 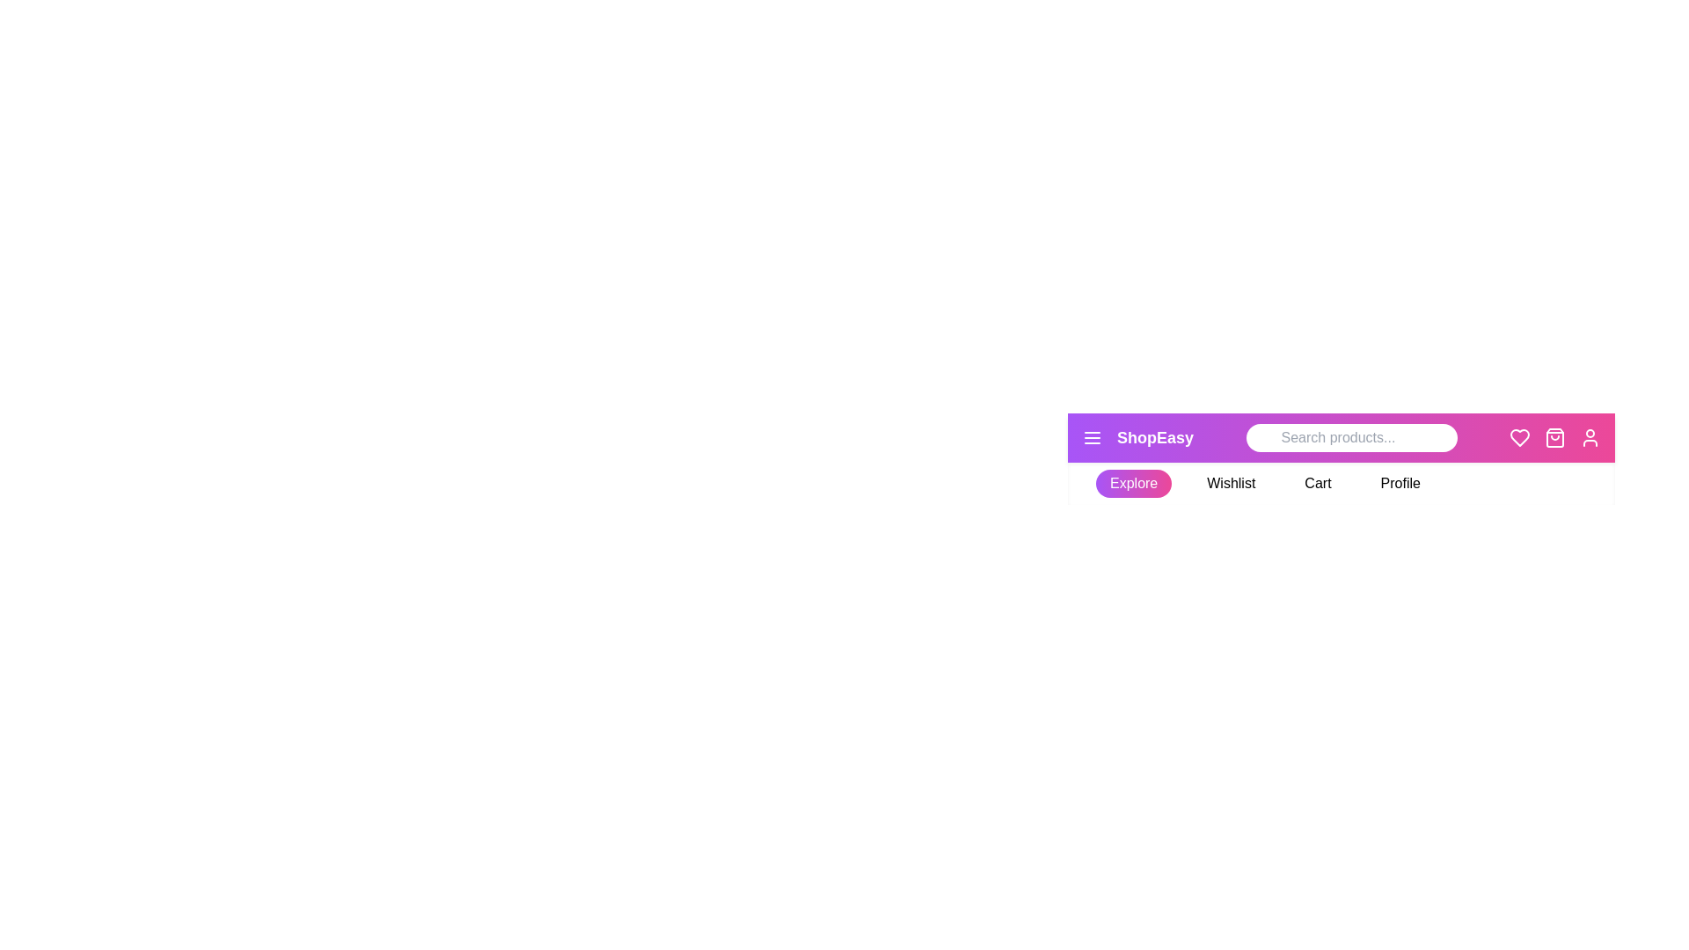 I want to click on the Cart tab to activate it, so click(x=1318, y=484).